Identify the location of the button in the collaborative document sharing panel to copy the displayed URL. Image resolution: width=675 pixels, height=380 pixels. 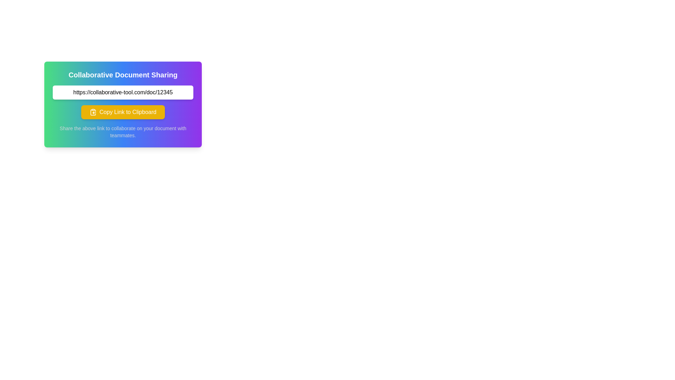
(123, 104).